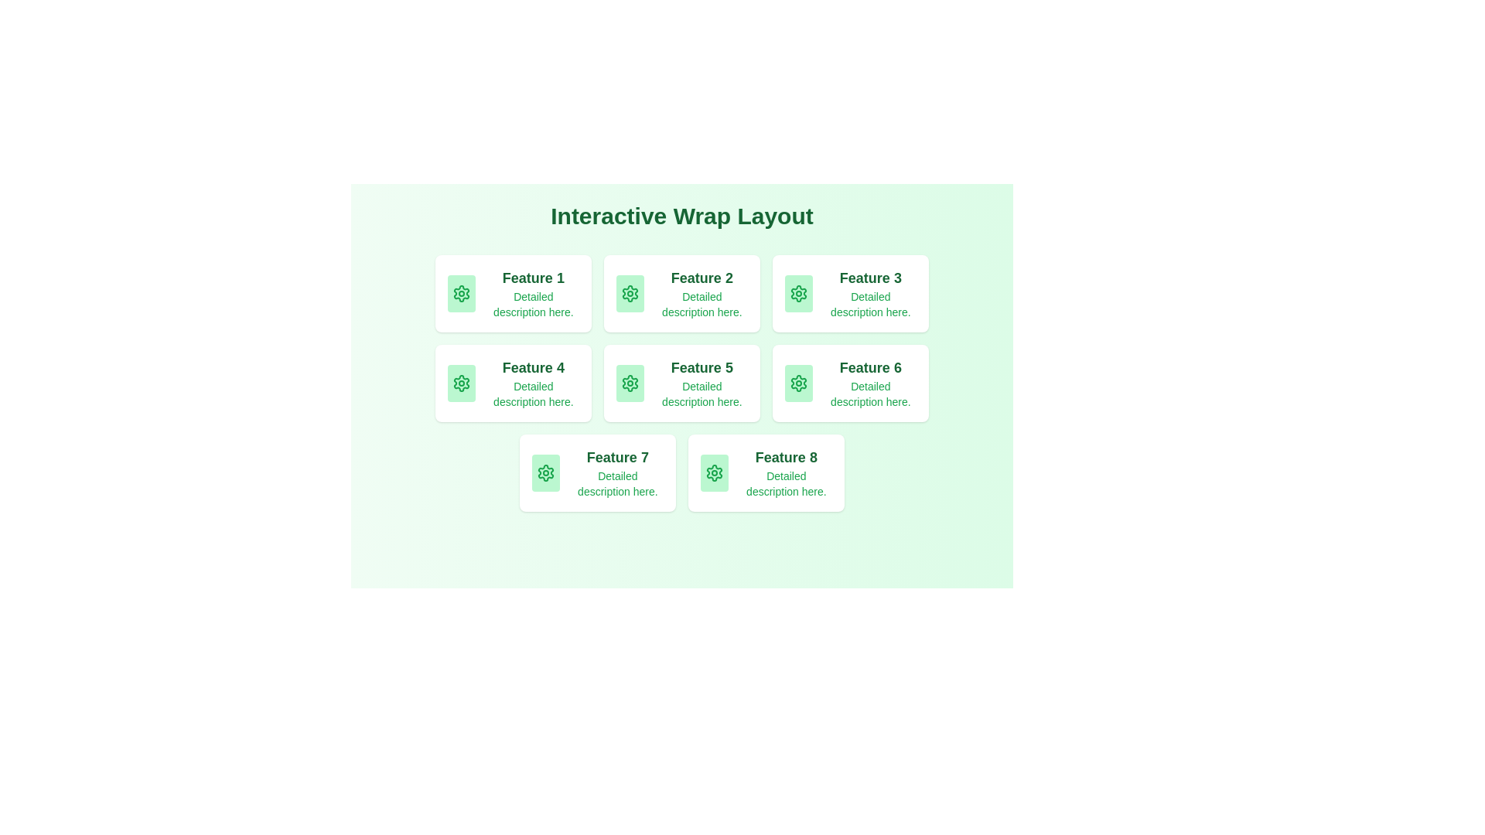  What do you see at coordinates (713, 472) in the screenshot?
I see `the gear icon element within the eighth feature card titled 'Feature 8', which is characterized by its green outline and cogwheel design` at bounding box center [713, 472].